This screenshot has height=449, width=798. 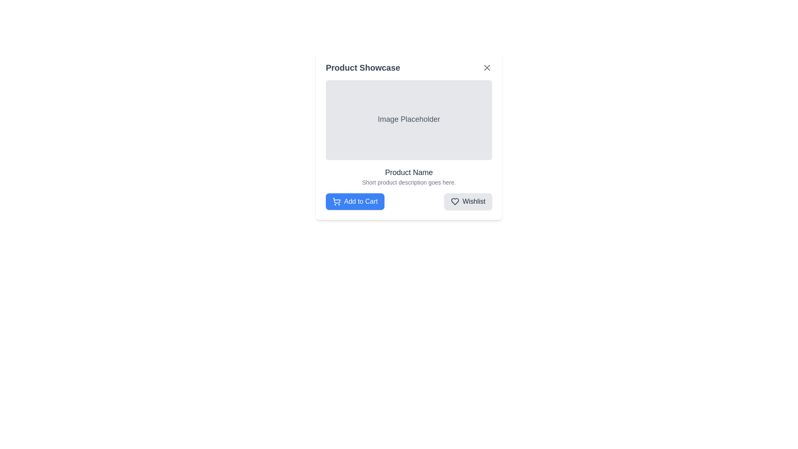 I want to click on the 'Add to Cart' button, which features a shopping cart SVG icon on the left and is visually distinct with a blue rectangle and white text, so click(x=337, y=202).